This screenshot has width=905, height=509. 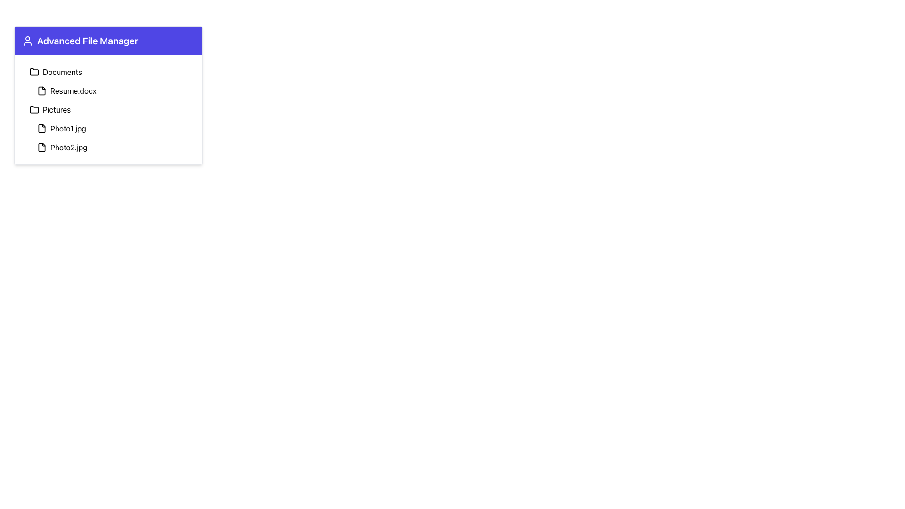 I want to click on the file entry row displaying 'Photo2.jpg', so click(x=112, y=147).